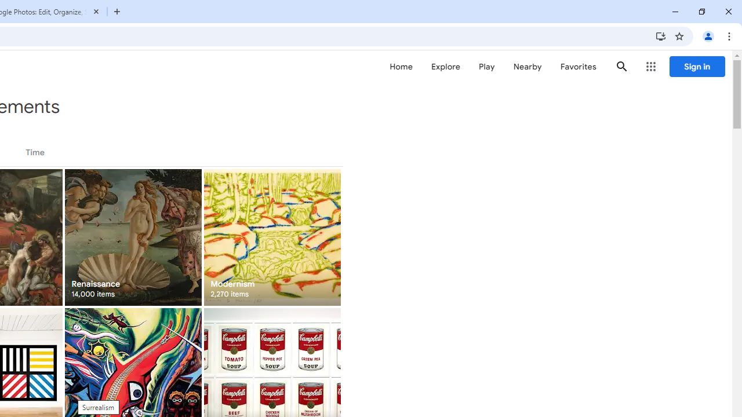  Describe the element at coordinates (35, 152) in the screenshot. I see `'Time'` at that location.